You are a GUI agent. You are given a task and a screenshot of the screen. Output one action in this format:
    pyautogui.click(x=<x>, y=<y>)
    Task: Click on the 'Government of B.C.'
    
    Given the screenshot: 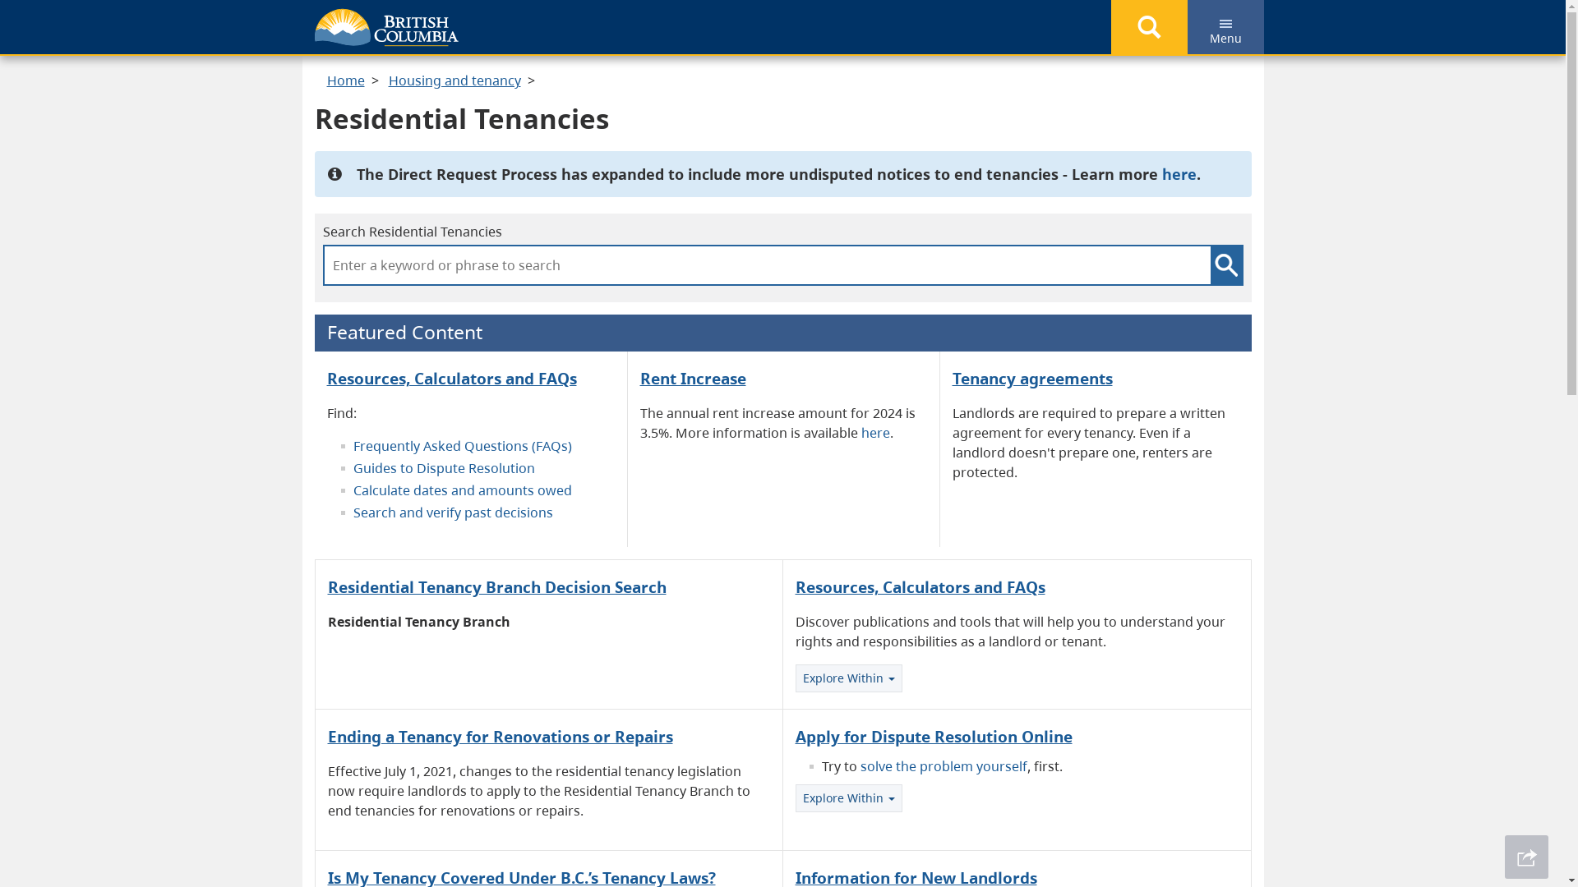 What is the action you would take?
    pyautogui.click(x=385, y=27)
    